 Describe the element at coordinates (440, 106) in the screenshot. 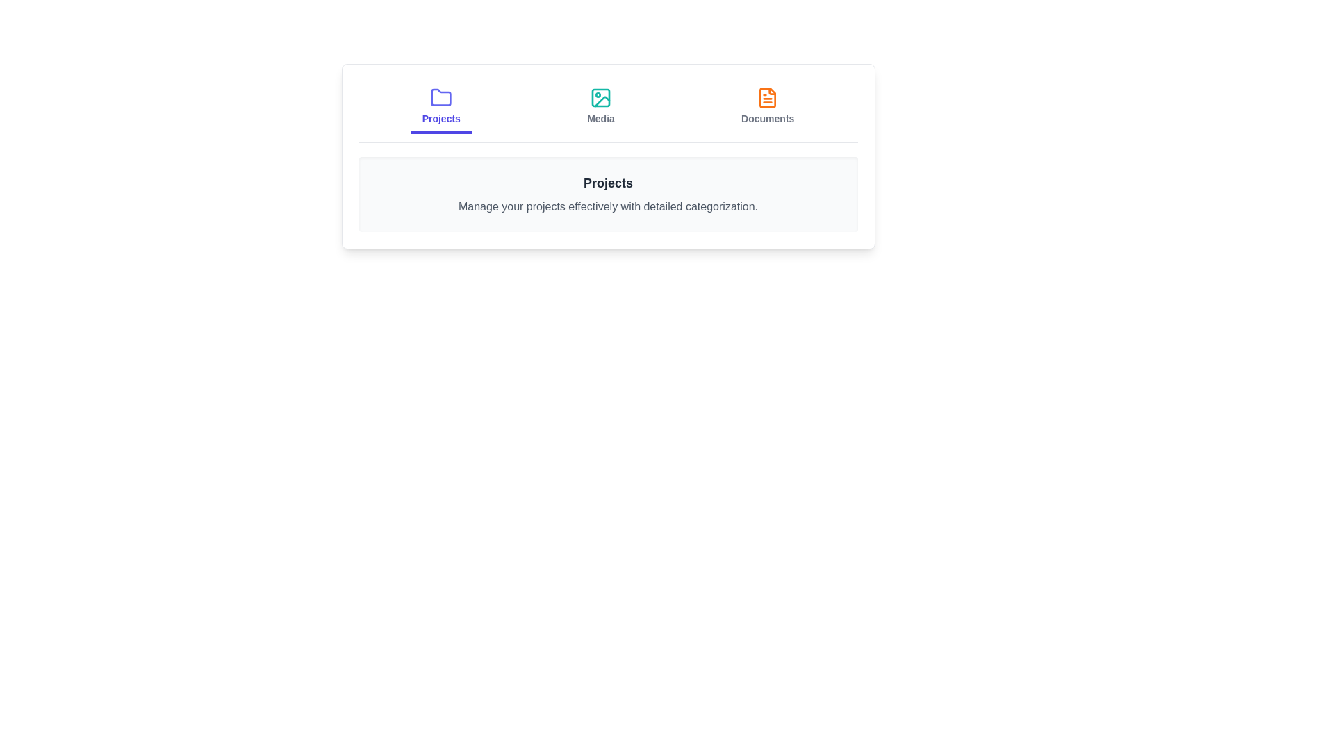

I see `the Projects tab by clicking on it` at that location.